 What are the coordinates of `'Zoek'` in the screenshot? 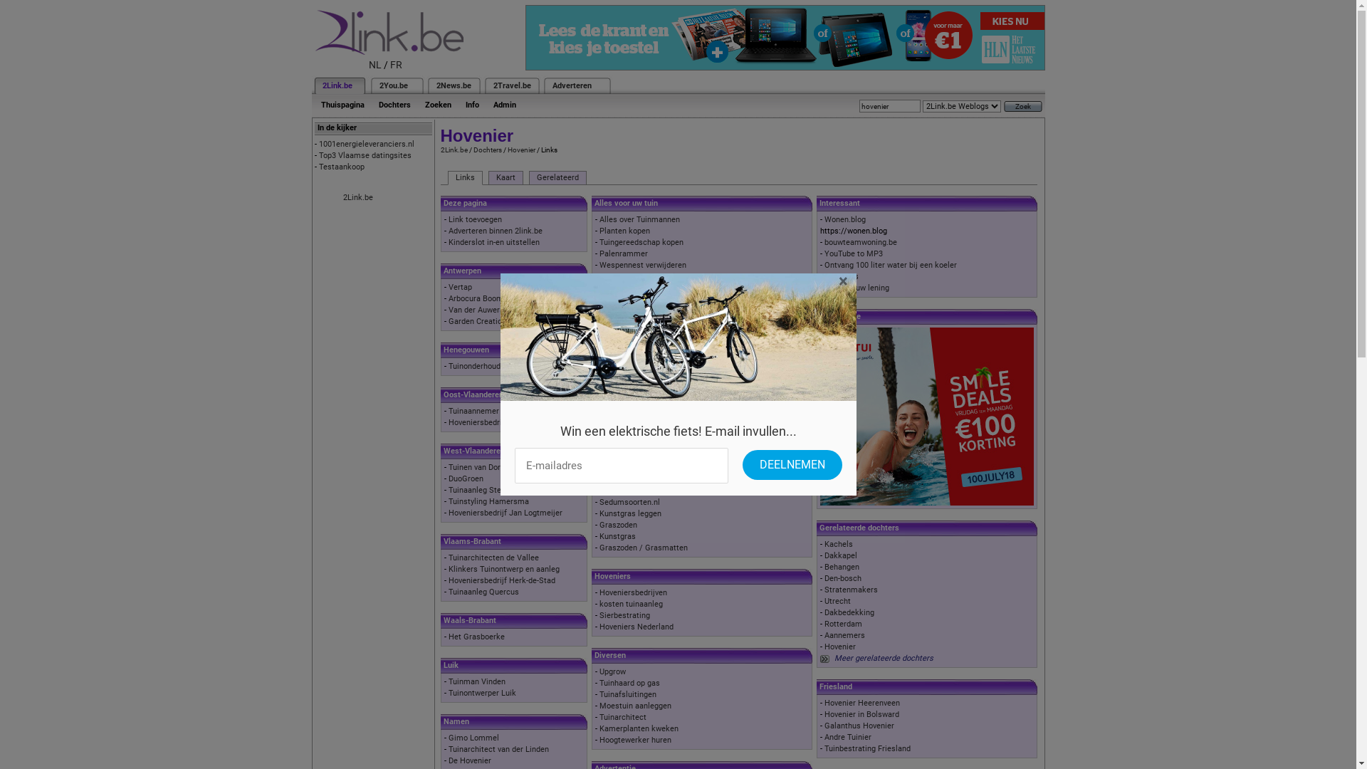 It's located at (1022, 105).